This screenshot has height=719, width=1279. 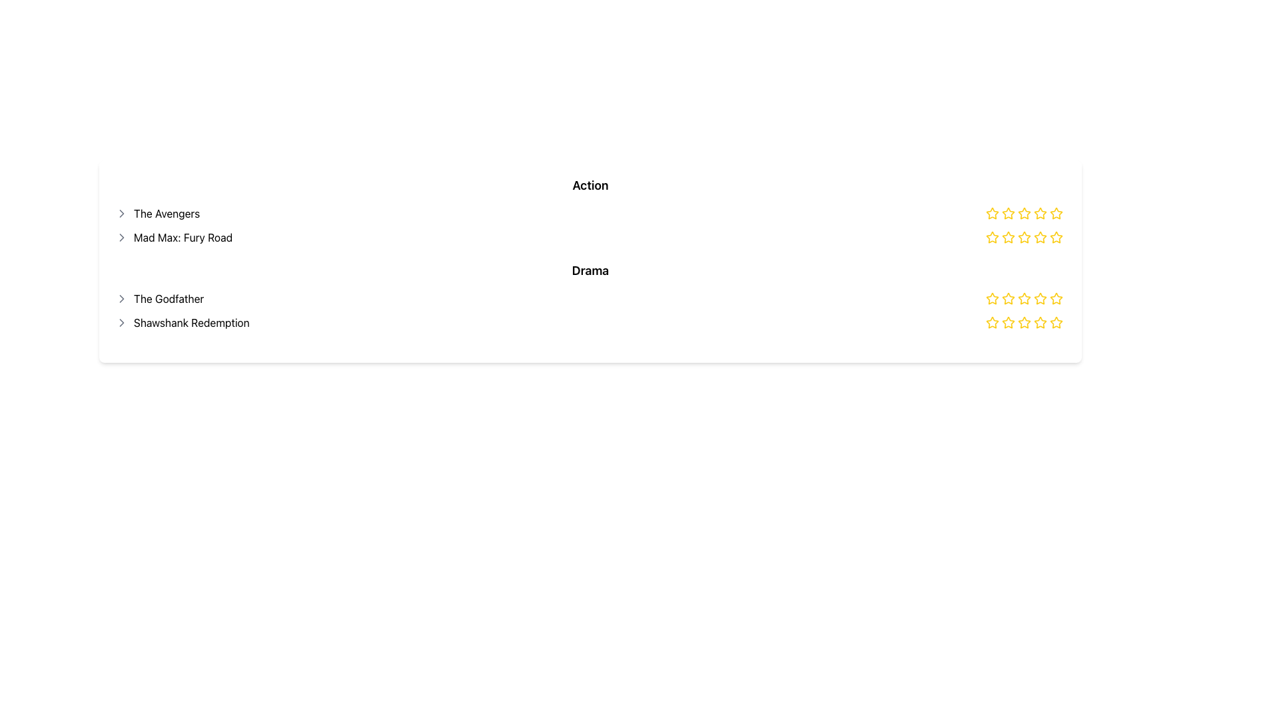 What do you see at coordinates (991, 297) in the screenshot?
I see `the first rating star icon for the movie 'The Godfather' in the Drama category` at bounding box center [991, 297].